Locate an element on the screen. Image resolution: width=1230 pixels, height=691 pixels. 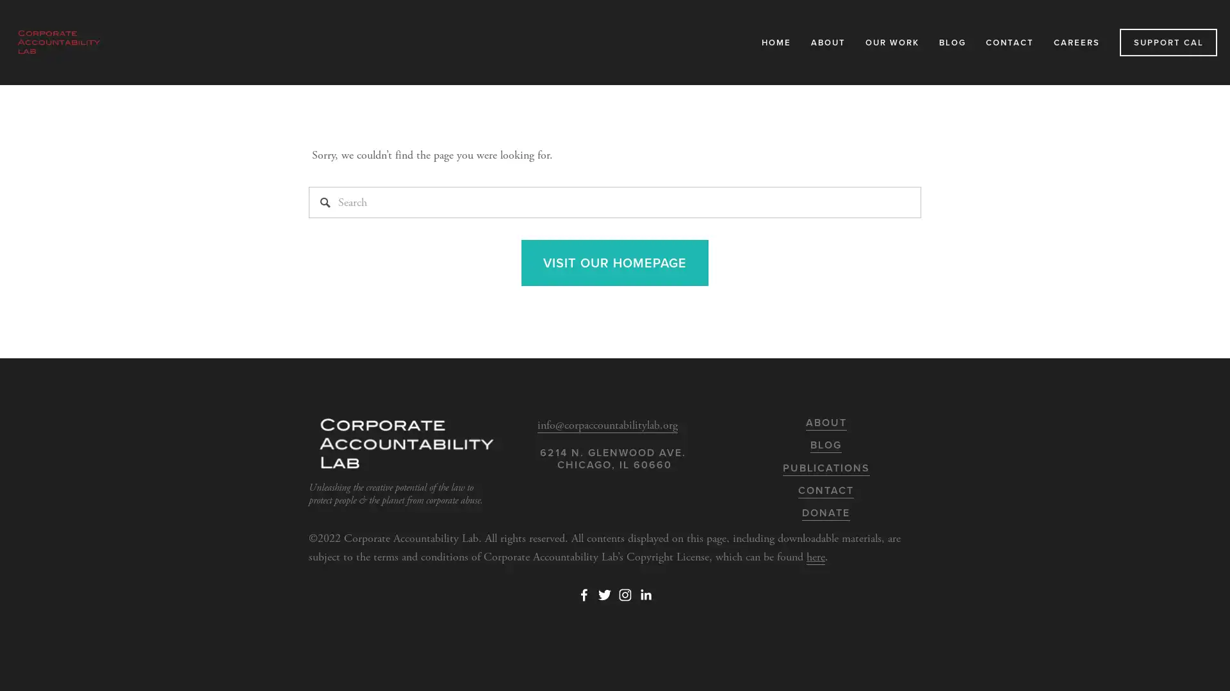
Close is located at coordinates (798, 203).